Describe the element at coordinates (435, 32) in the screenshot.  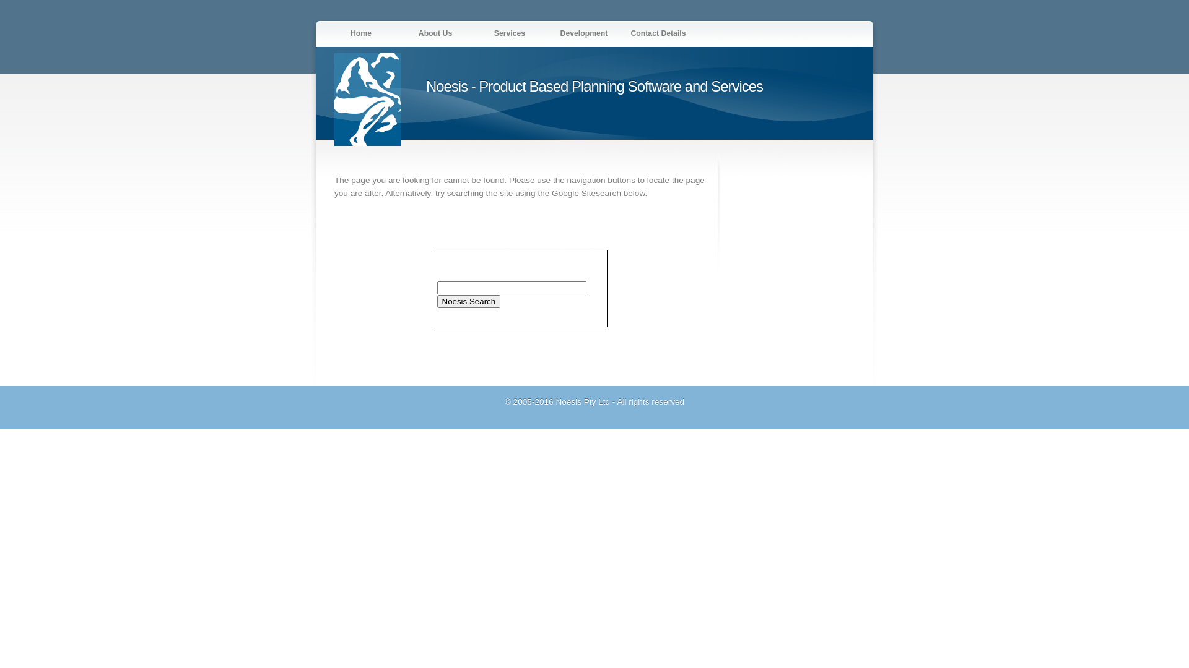
I see `'About Us'` at that location.